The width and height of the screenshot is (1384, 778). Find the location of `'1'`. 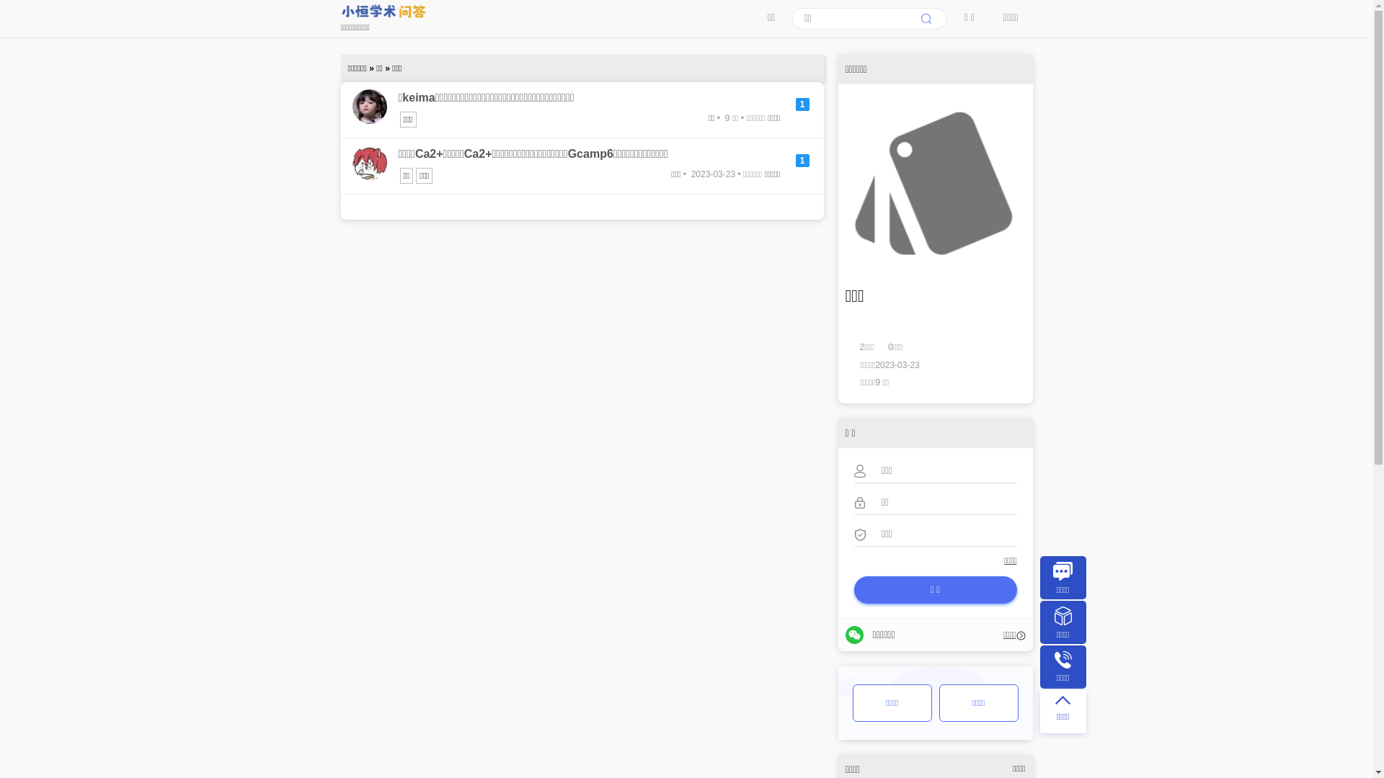

'1' is located at coordinates (802, 104).